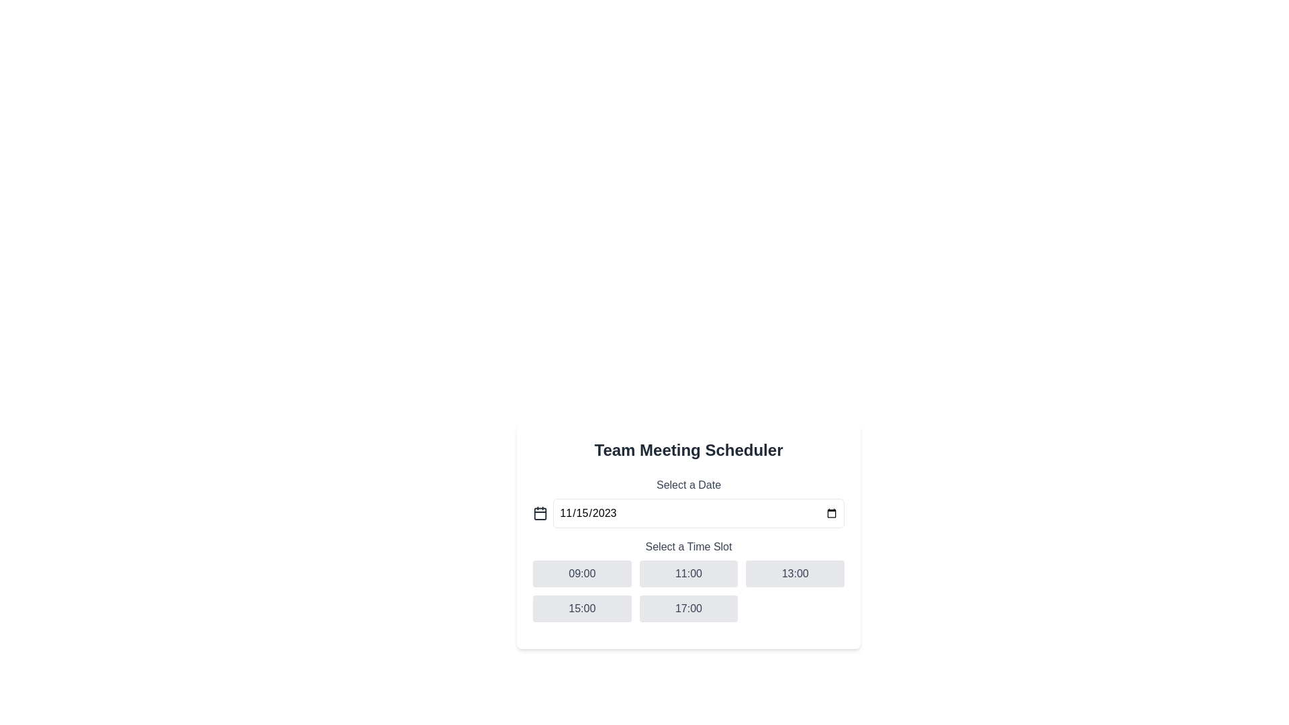  What do you see at coordinates (689, 579) in the screenshot?
I see `the '11:00' time slot button in the 'Select a Time Slot' section of the 'Team Meeting Scheduler' interface` at bounding box center [689, 579].